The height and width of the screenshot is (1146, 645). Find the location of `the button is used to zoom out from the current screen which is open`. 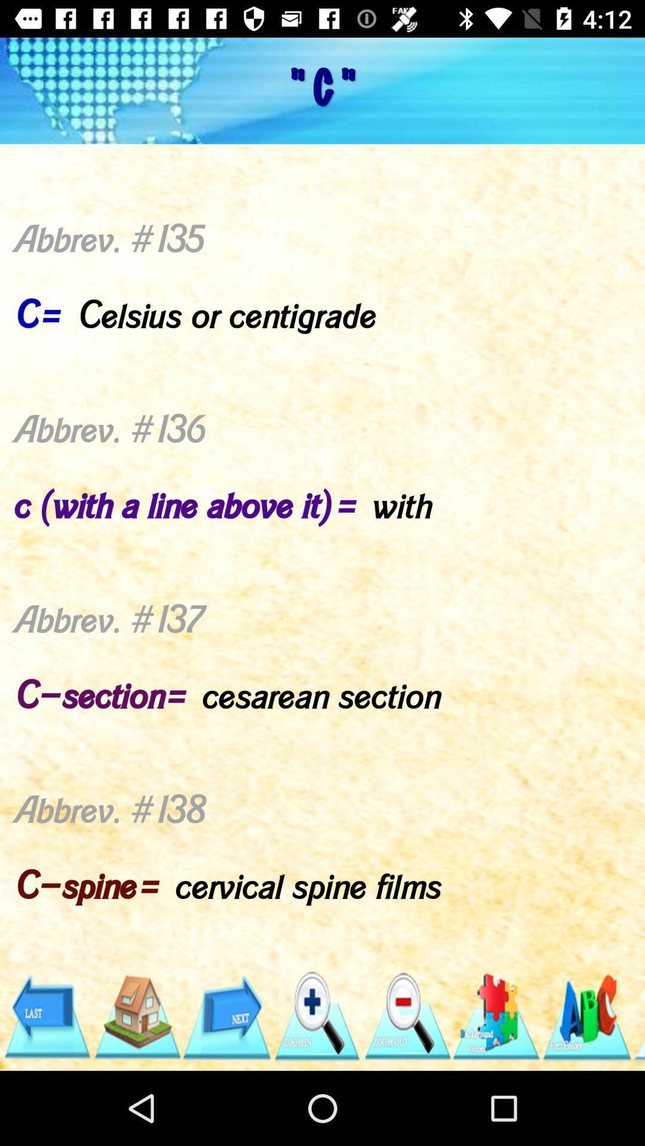

the button is used to zoom out from the current screen which is open is located at coordinates (406, 1016).